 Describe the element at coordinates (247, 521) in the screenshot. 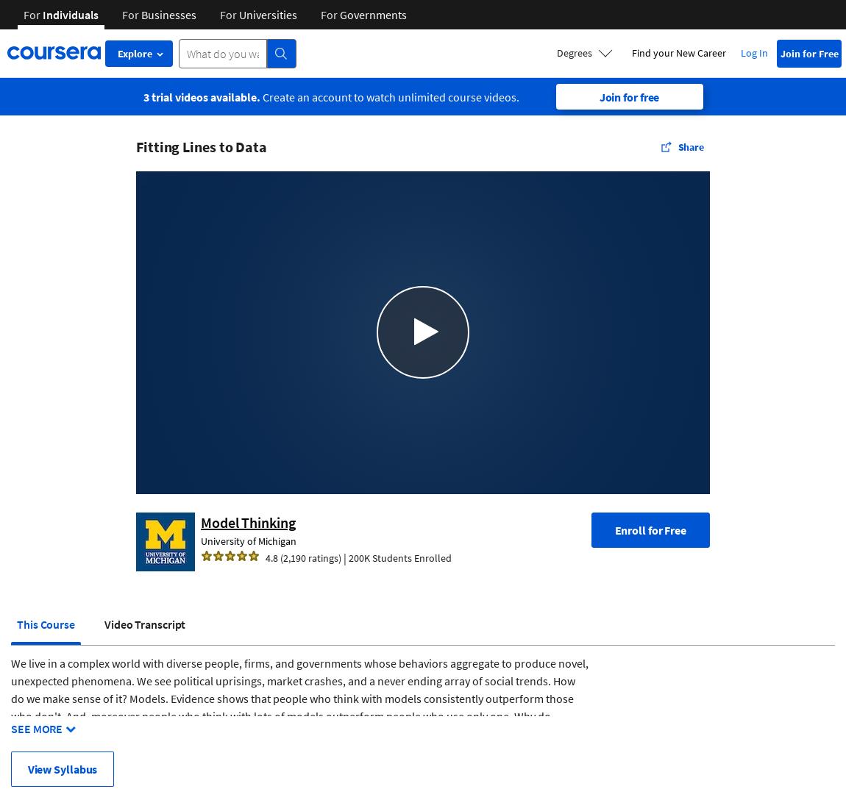

I see `'Model Thinking'` at that location.